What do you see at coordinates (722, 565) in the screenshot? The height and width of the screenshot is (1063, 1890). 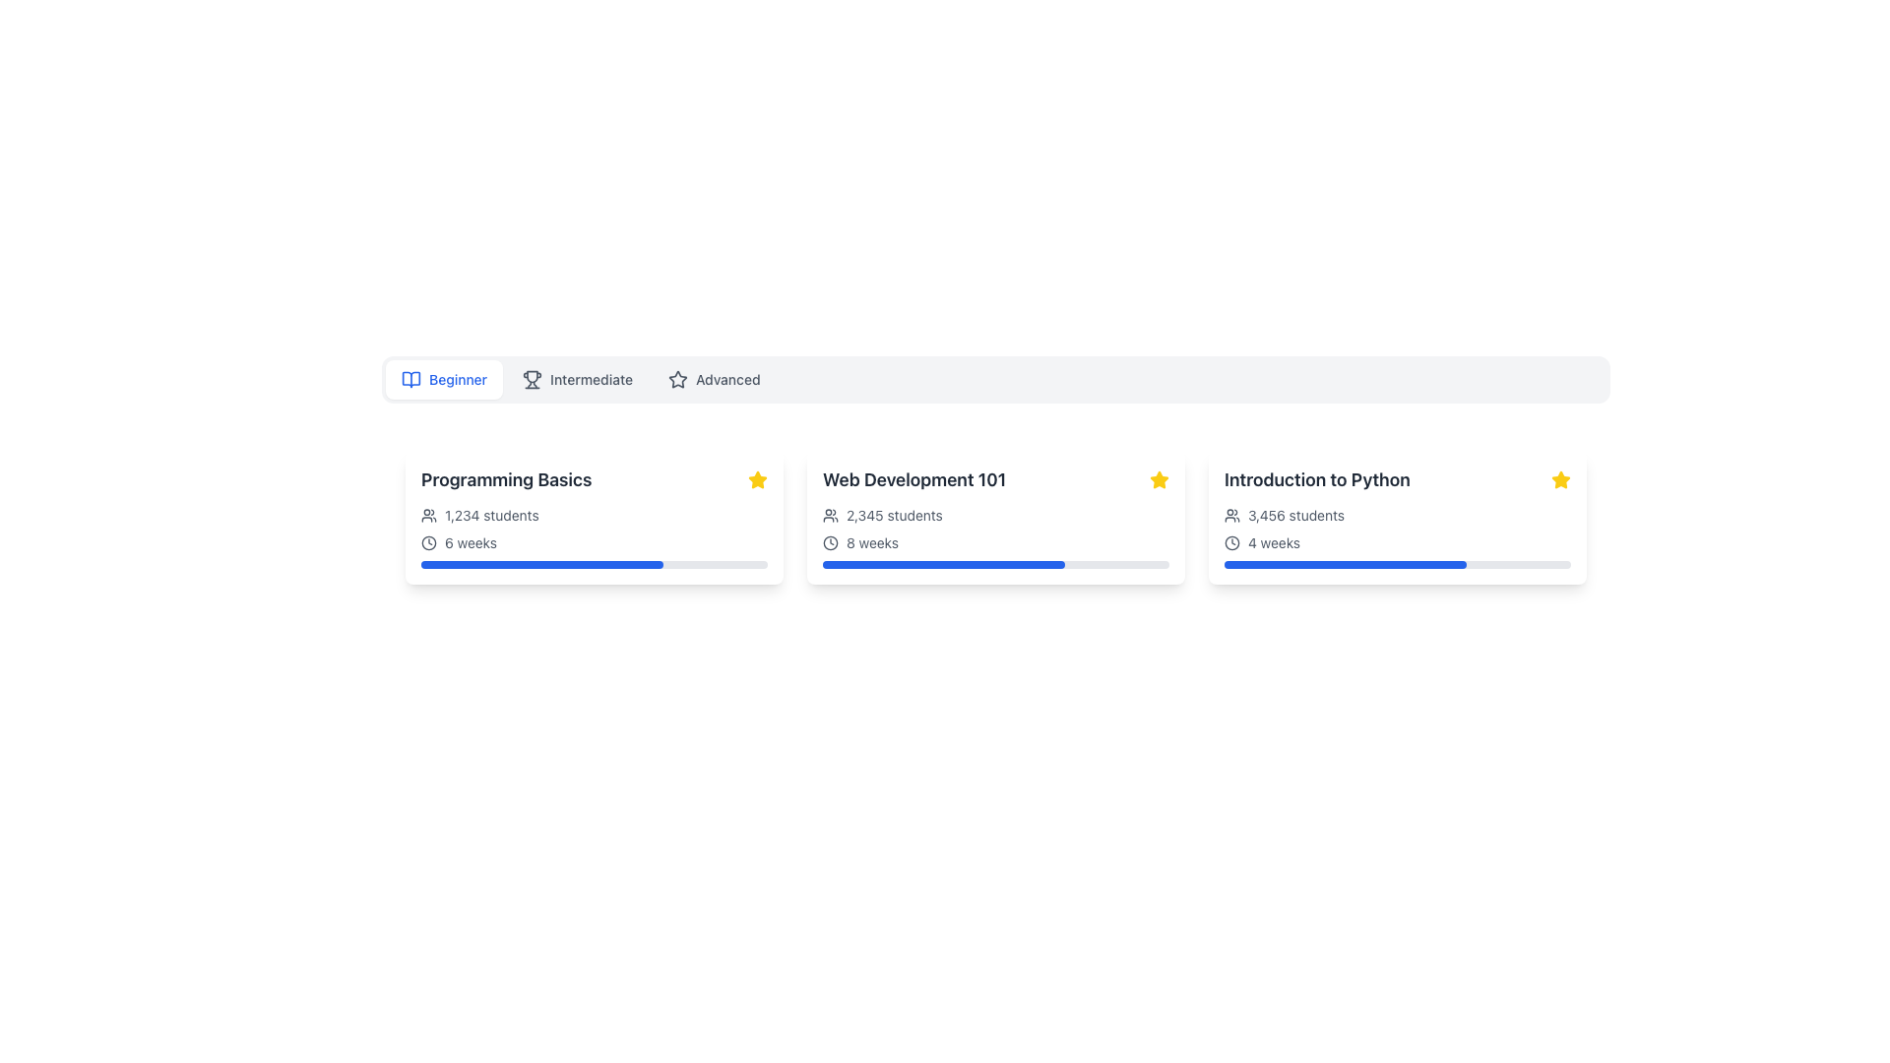 I see `the progress` at bounding box center [722, 565].